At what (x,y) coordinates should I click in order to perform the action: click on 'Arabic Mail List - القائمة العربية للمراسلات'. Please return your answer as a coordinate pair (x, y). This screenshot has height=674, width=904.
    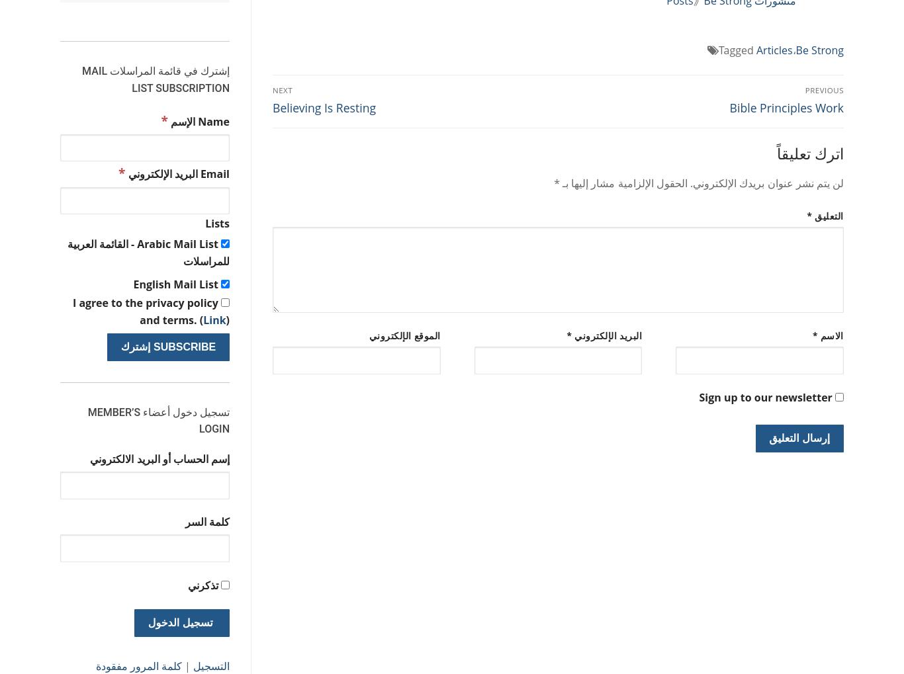
    Looking at the image, I should click on (148, 251).